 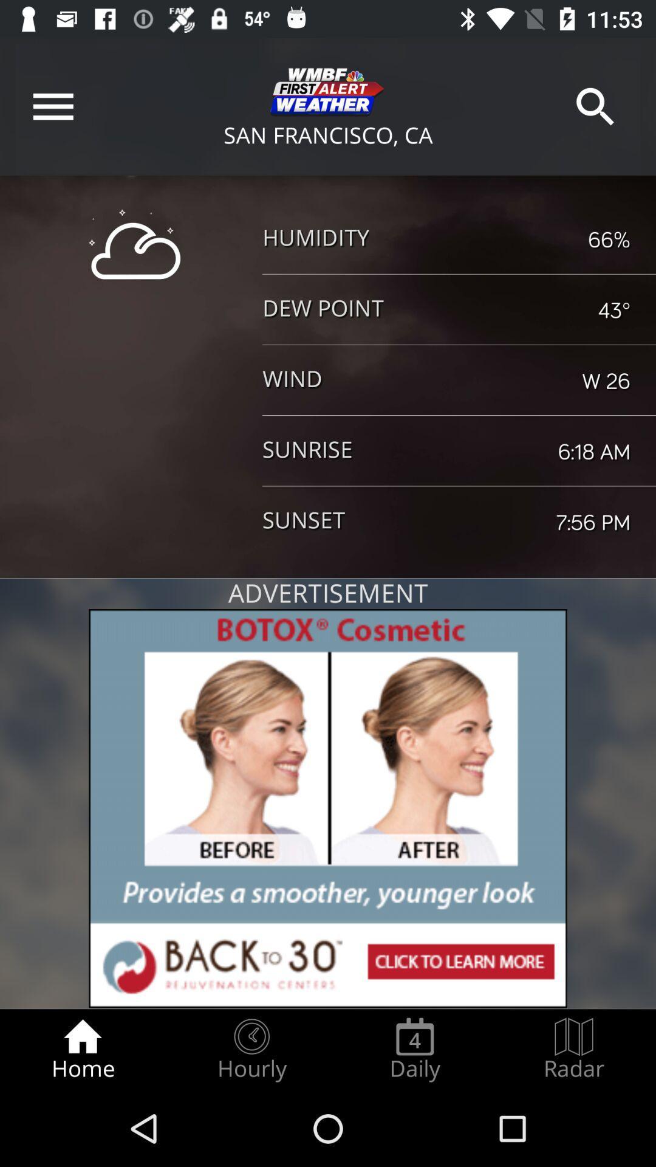 I want to click on the icon to the right of the home radio button, so click(x=251, y=1049).